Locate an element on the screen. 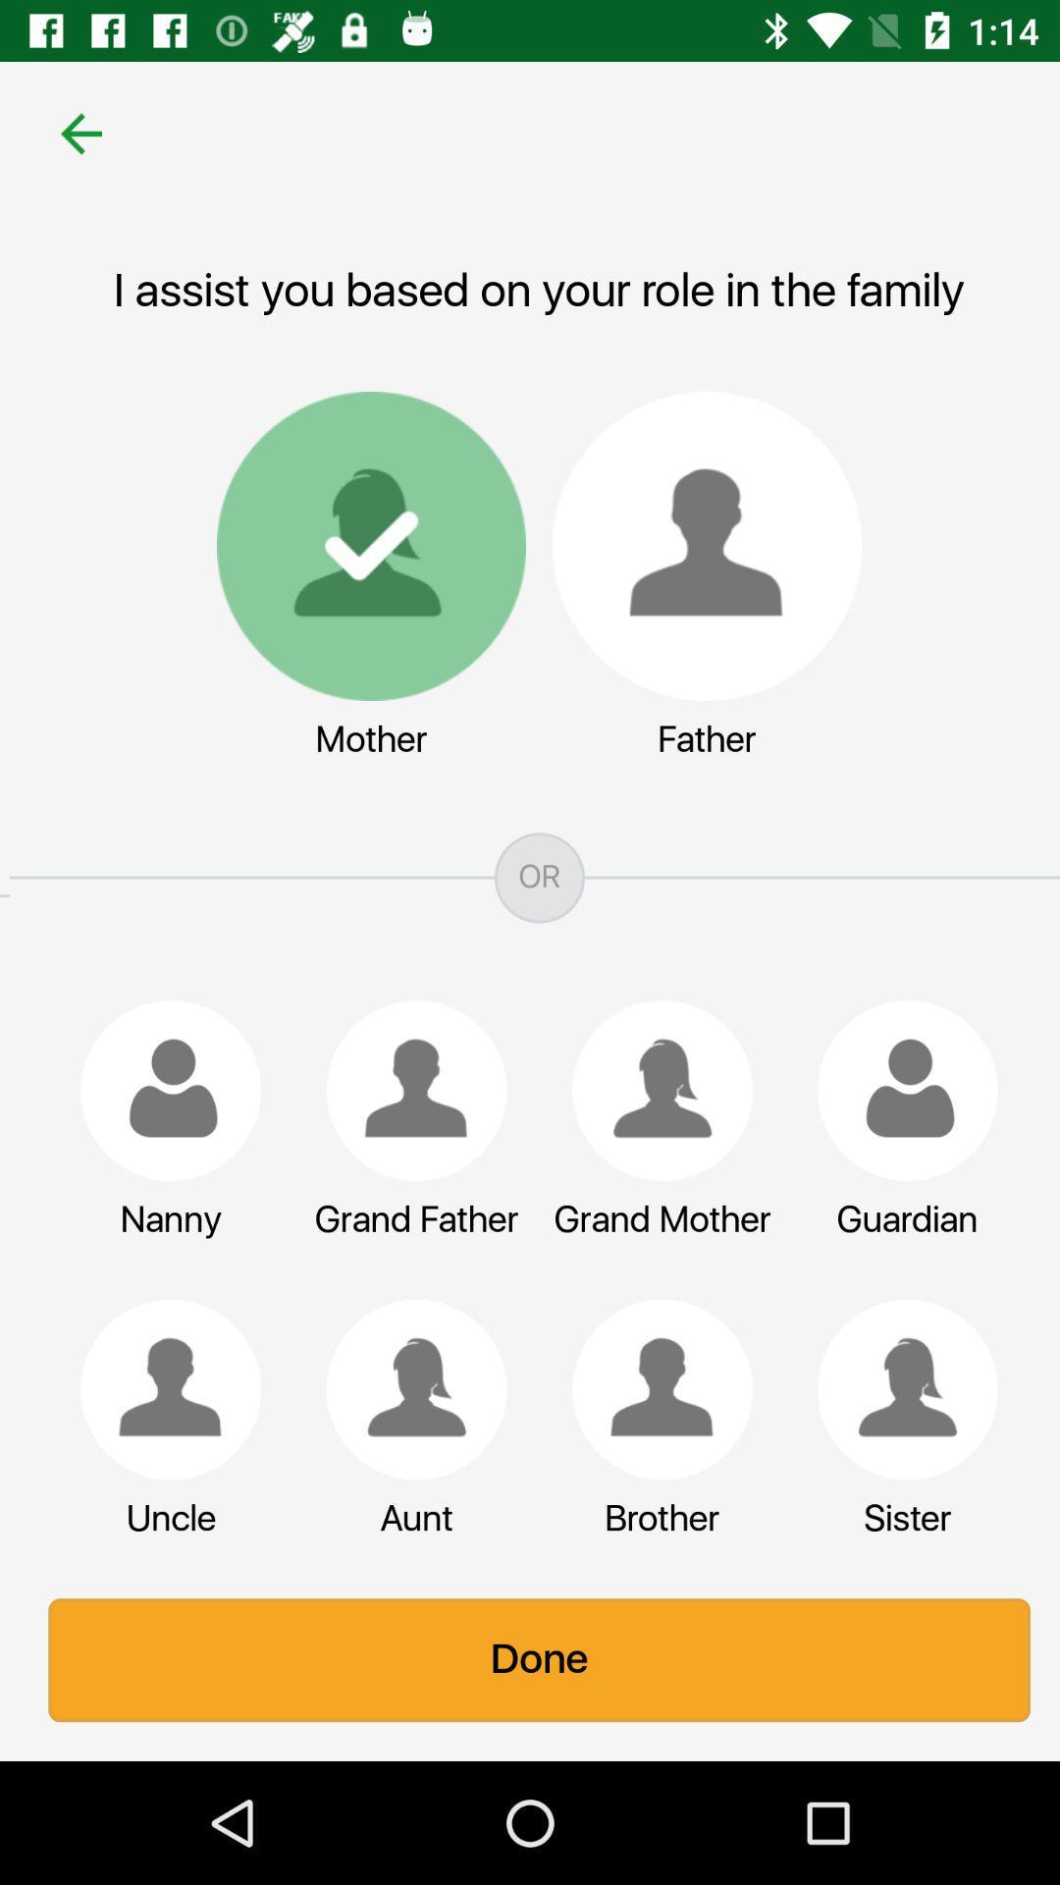 The width and height of the screenshot is (1060, 1885). aunt in relation to the mother is located at coordinates (406, 1388).